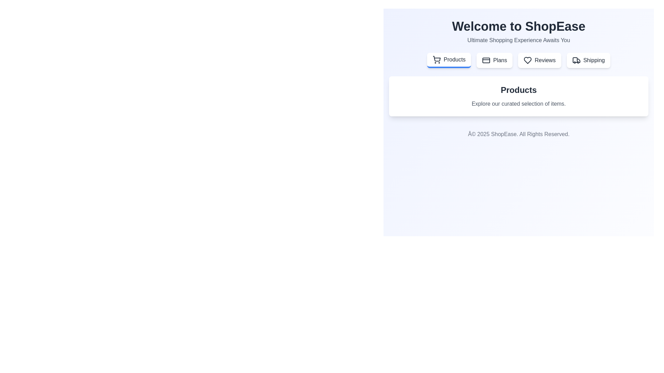 The image size is (664, 373). I want to click on the static text label positioned directly below the title 'Welcome to ShopEase', which serves as a descriptive subtitle enticing users, so click(518, 40).